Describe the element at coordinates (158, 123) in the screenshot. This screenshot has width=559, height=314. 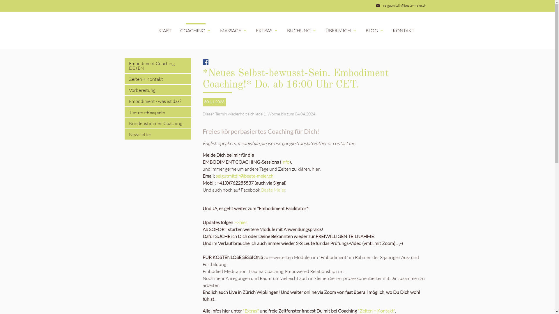
I see `'Kundenstimmen Coaching'` at that location.